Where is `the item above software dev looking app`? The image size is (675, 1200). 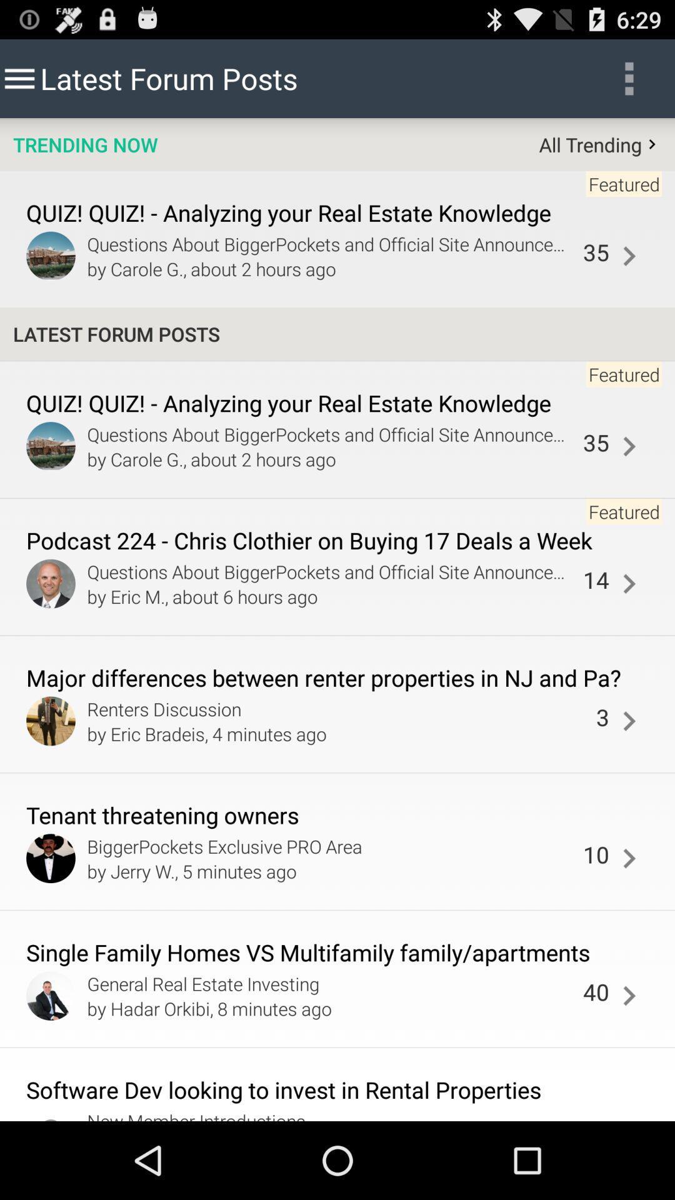 the item above software dev looking app is located at coordinates (629, 995).